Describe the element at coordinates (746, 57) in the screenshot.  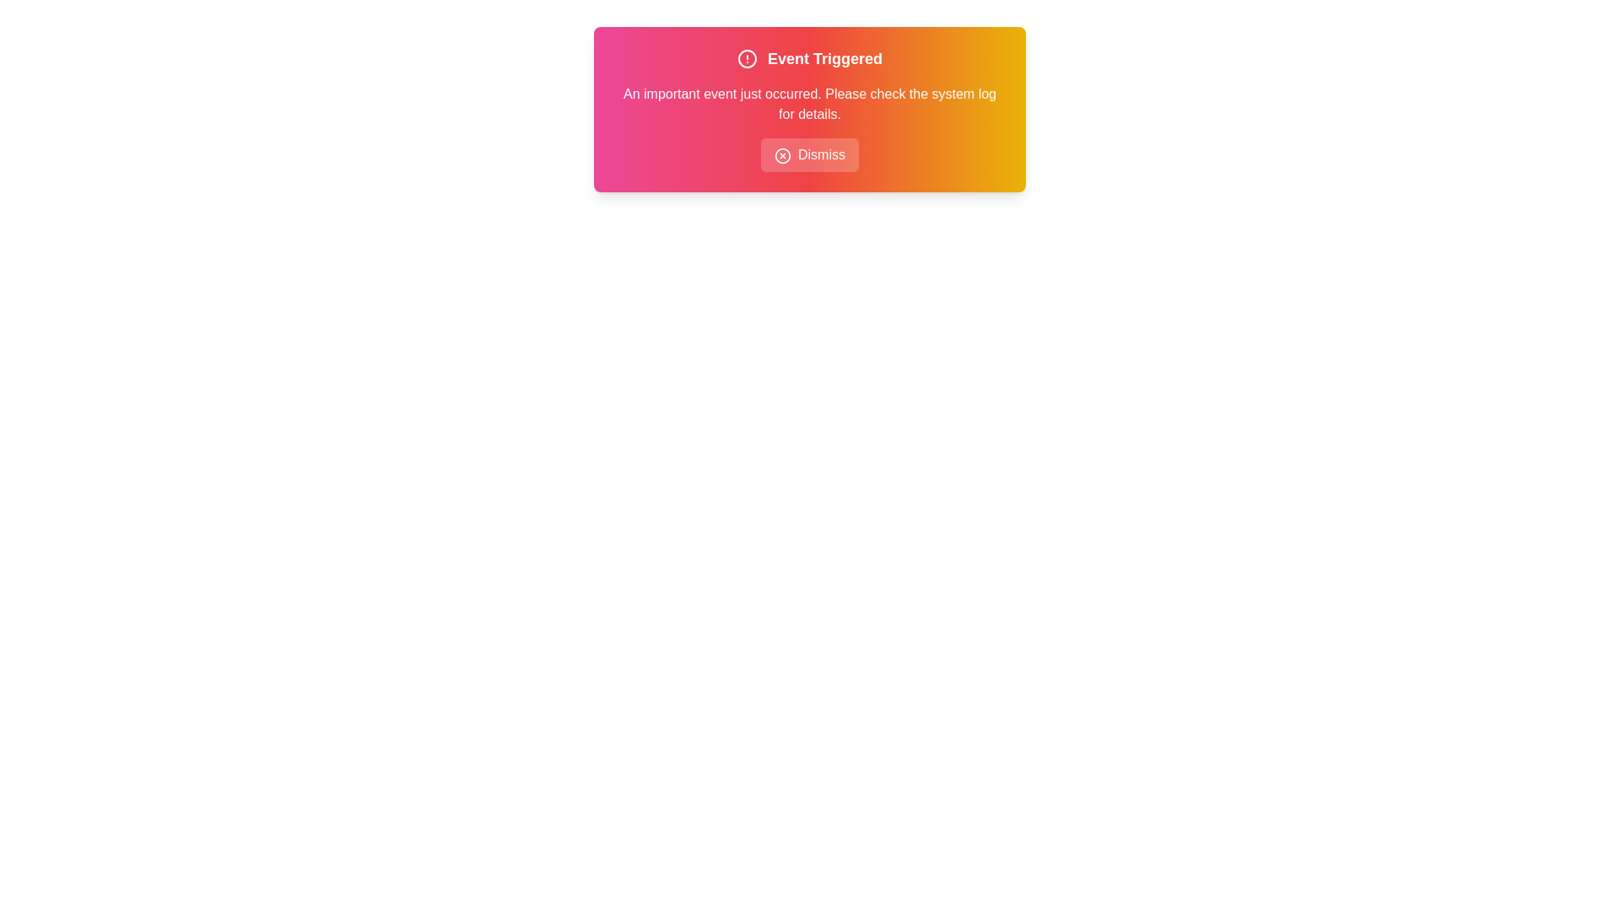
I see `the circular alert icon with a red fill and white lines, located to the left of the 'Event Triggered' text in the notification card` at that location.